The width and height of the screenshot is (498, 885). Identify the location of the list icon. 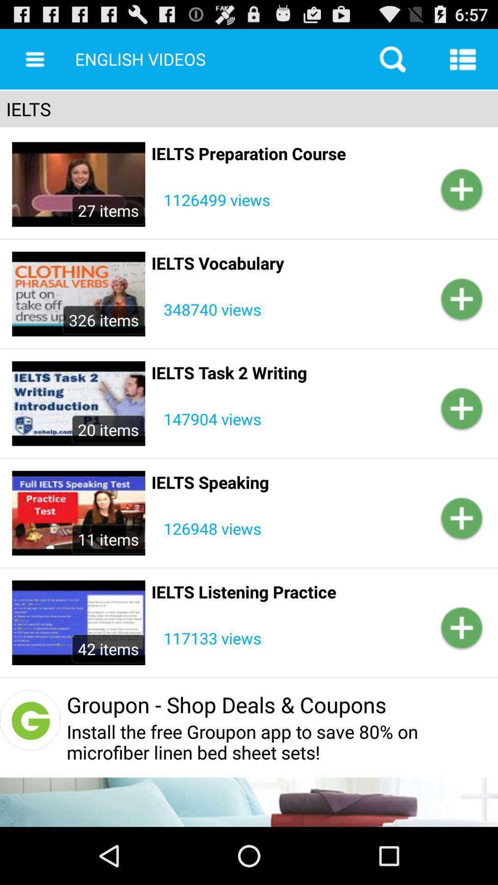
(462, 63).